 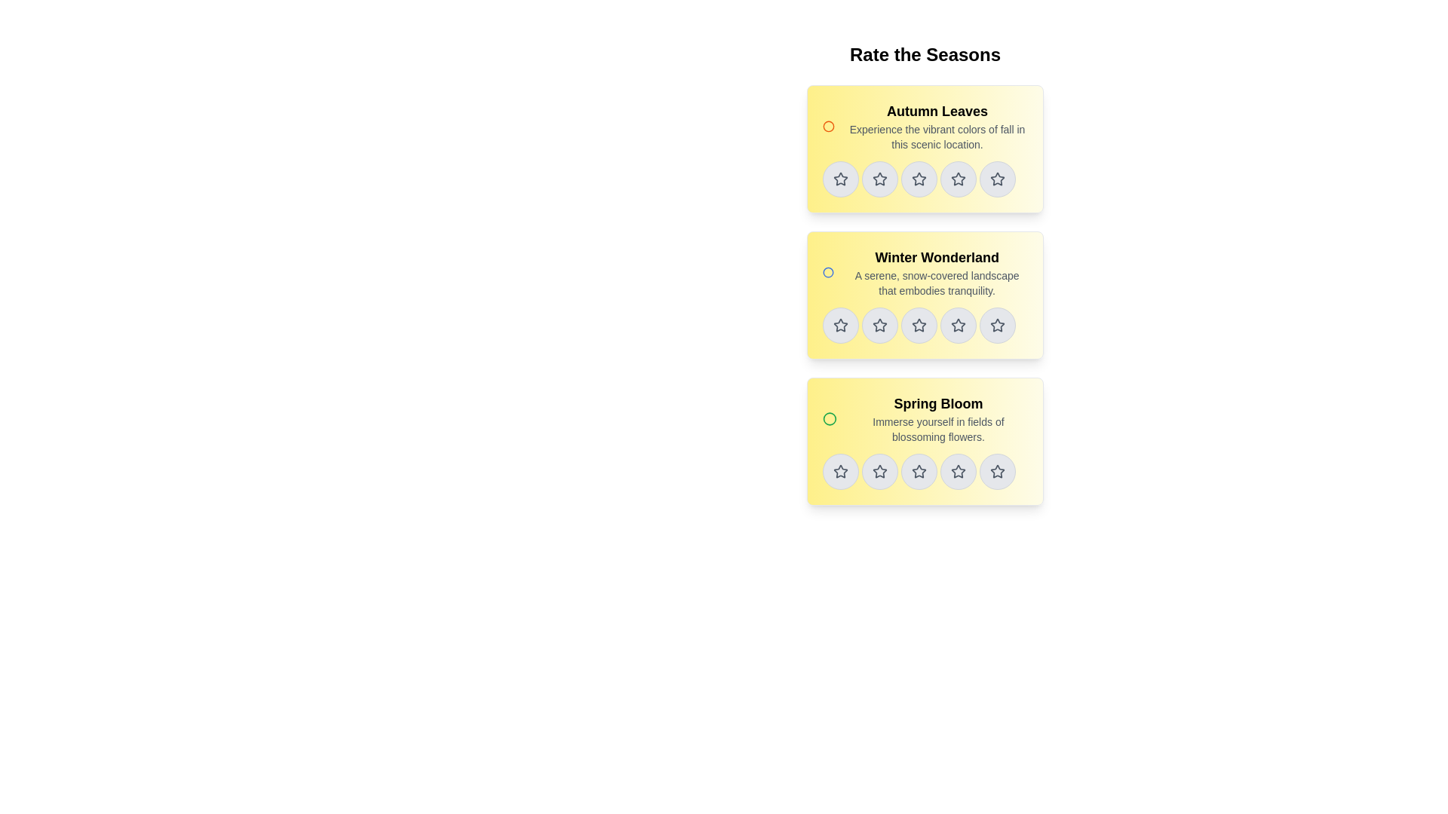 I want to click on descriptive text label located directly below the 'Winter Wonderland' title in the vertical list of sections, so click(x=936, y=283).